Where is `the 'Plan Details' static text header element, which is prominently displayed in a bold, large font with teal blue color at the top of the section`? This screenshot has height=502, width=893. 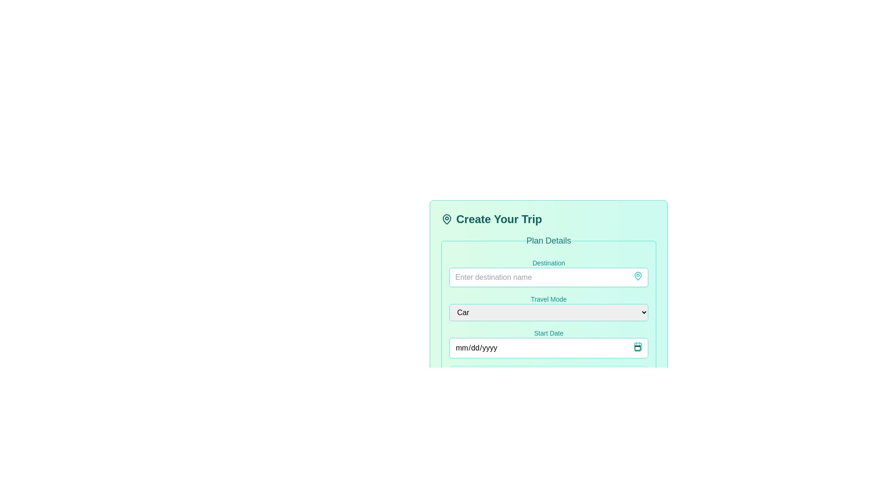 the 'Plan Details' static text header element, which is prominently displayed in a bold, large font with teal blue color at the top of the section is located at coordinates (549, 240).